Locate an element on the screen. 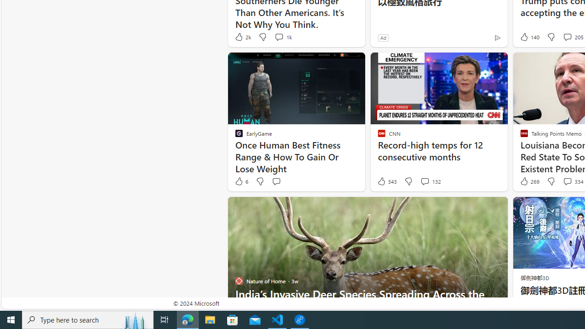  '343 Like' is located at coordinates (387, 181).